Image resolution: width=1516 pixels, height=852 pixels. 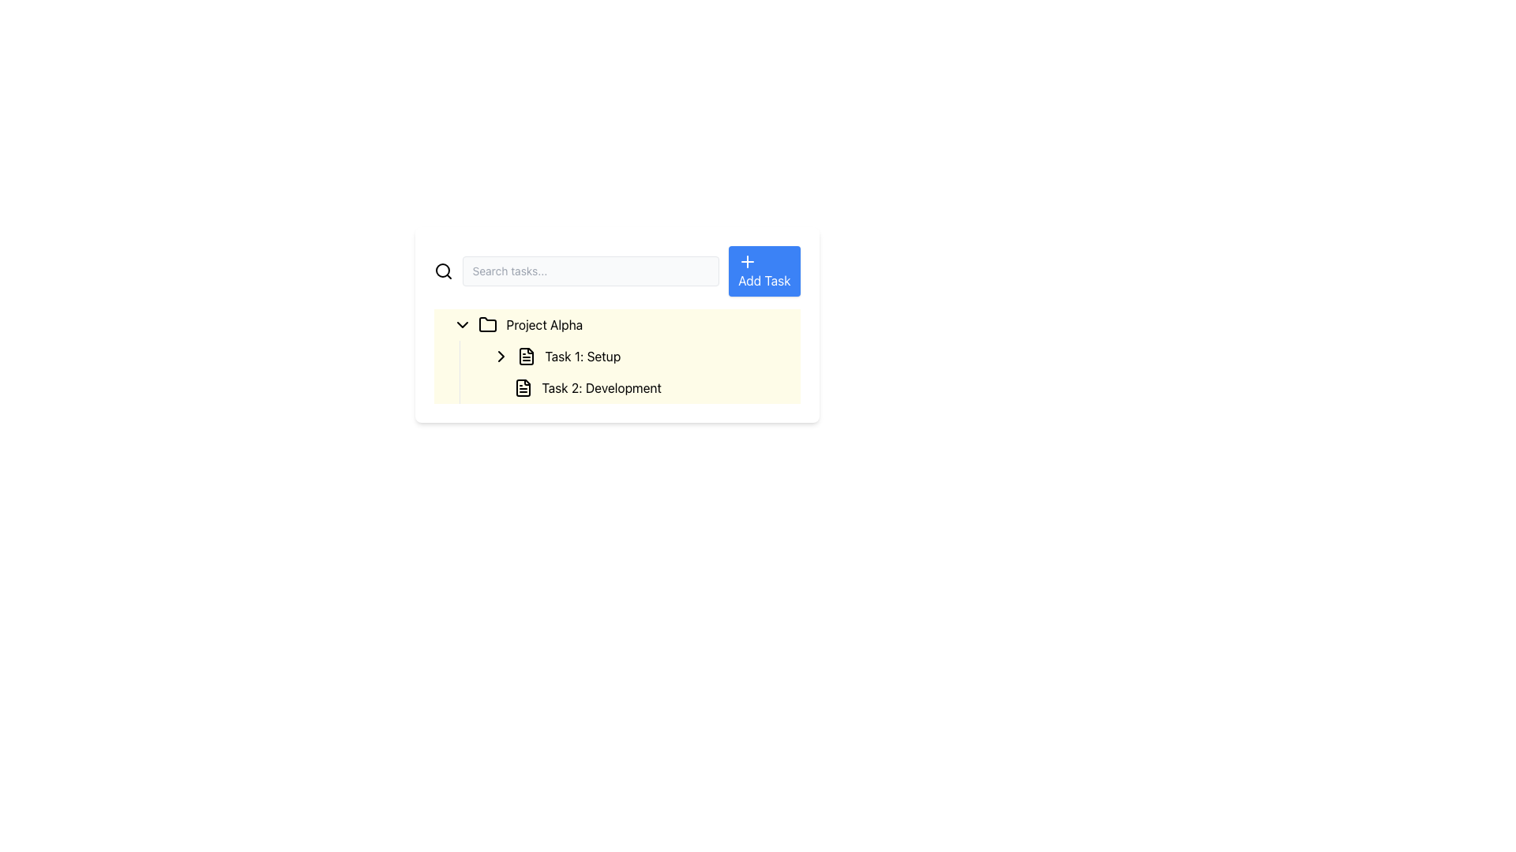 What do you see at coordinates (461, 324) in the screenshot?
I see `the chevron-down icon located at the start of the 'Project Alpha' header row` at bounding box center [461, 324].